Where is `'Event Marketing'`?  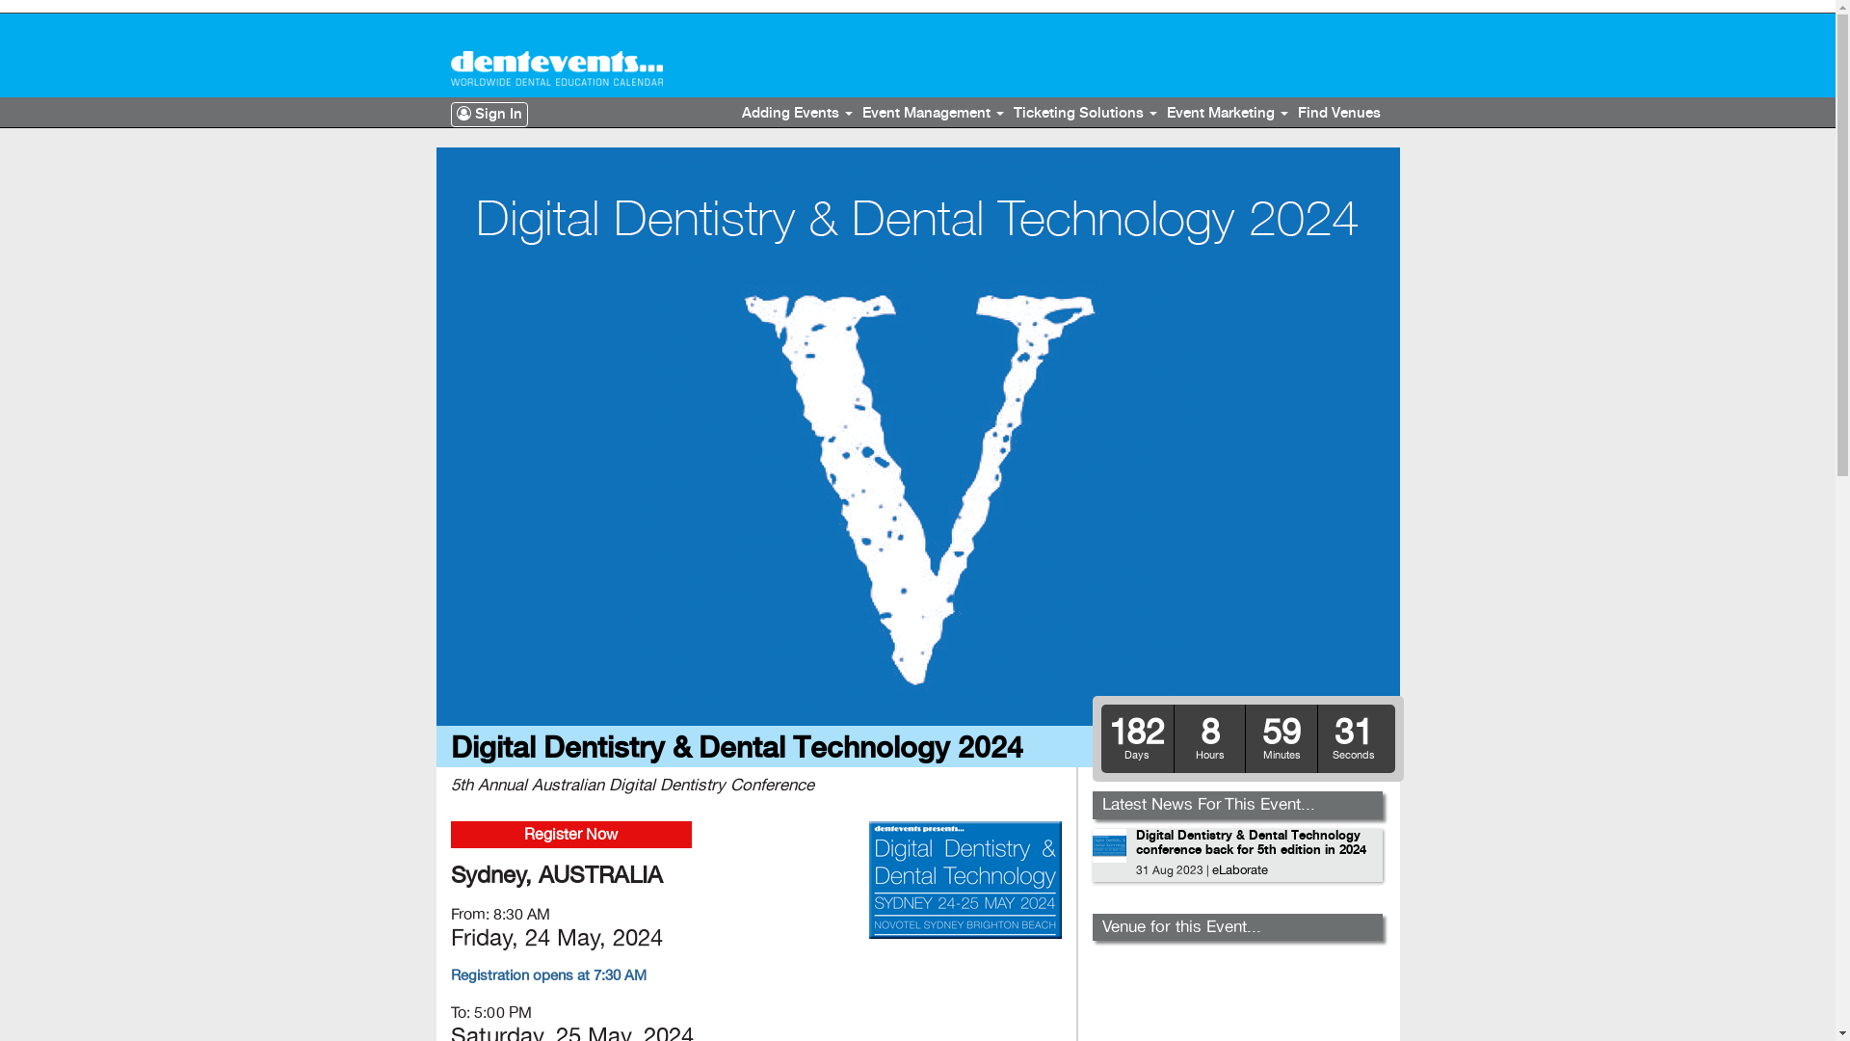 'Event Marketing' is located at coordinates (1226, 114).